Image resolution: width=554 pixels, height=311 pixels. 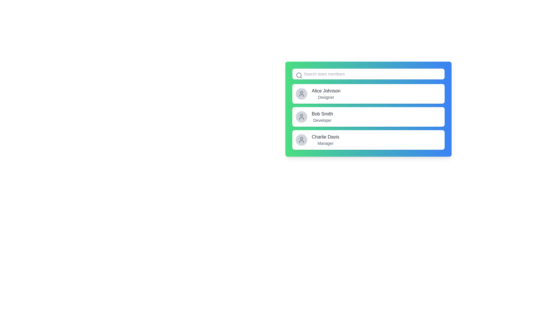 I want to click on the circular shape within the magnifying glass icon, which is part of the search bar located at the top of the green-to-blue gradient rectangular frame, so click(x=299, y=75).